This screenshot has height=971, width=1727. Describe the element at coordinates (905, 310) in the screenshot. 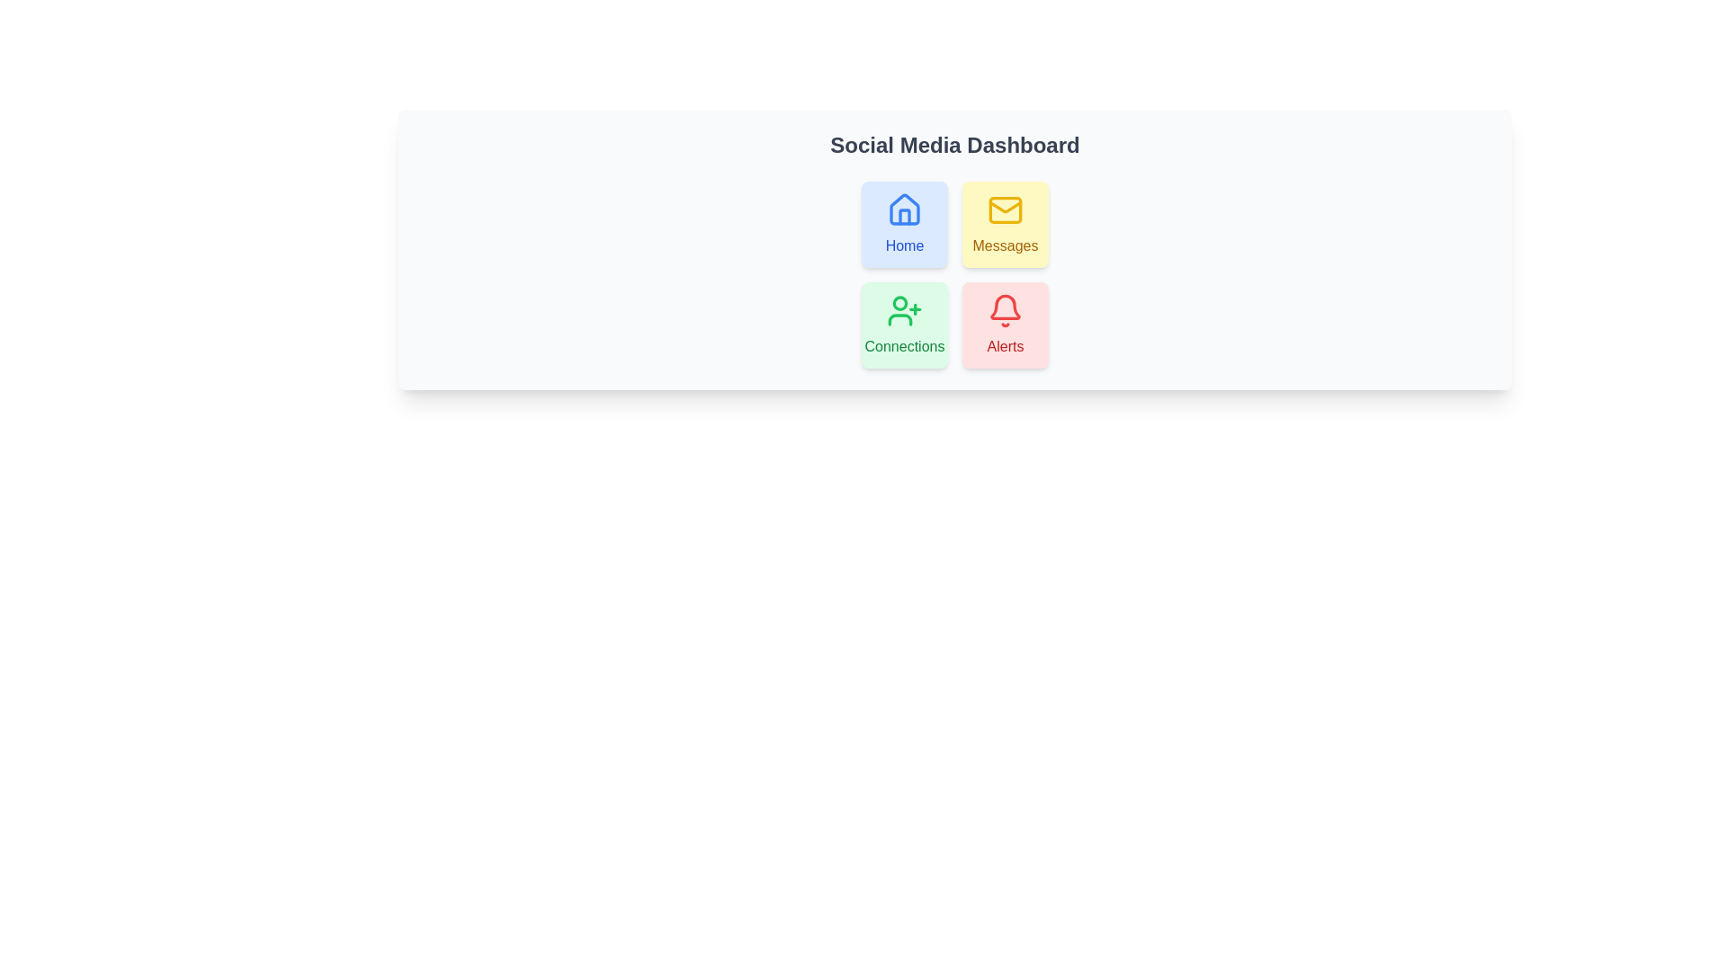

I see `the interactive icon for adding new connections located in the center of the green-bordered square labeled 'Connections'` at that location.